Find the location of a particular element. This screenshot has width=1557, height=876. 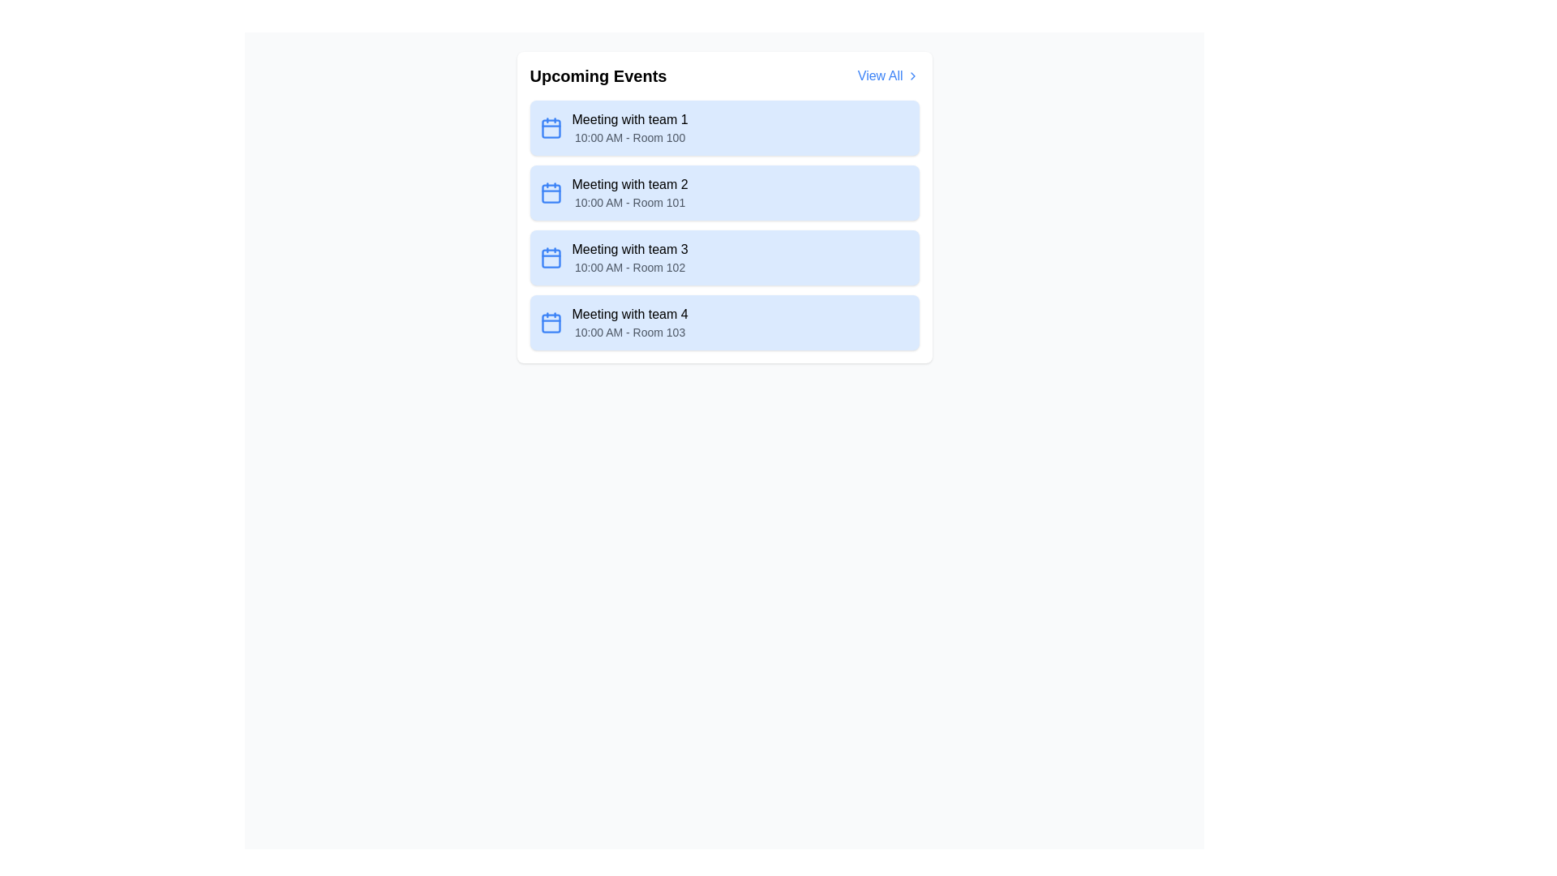

the 'View All' interactive link/button, which is styled in blue text and located on the far right of the header section for 'Upcoming Events' is located at coordinates (887, 75).